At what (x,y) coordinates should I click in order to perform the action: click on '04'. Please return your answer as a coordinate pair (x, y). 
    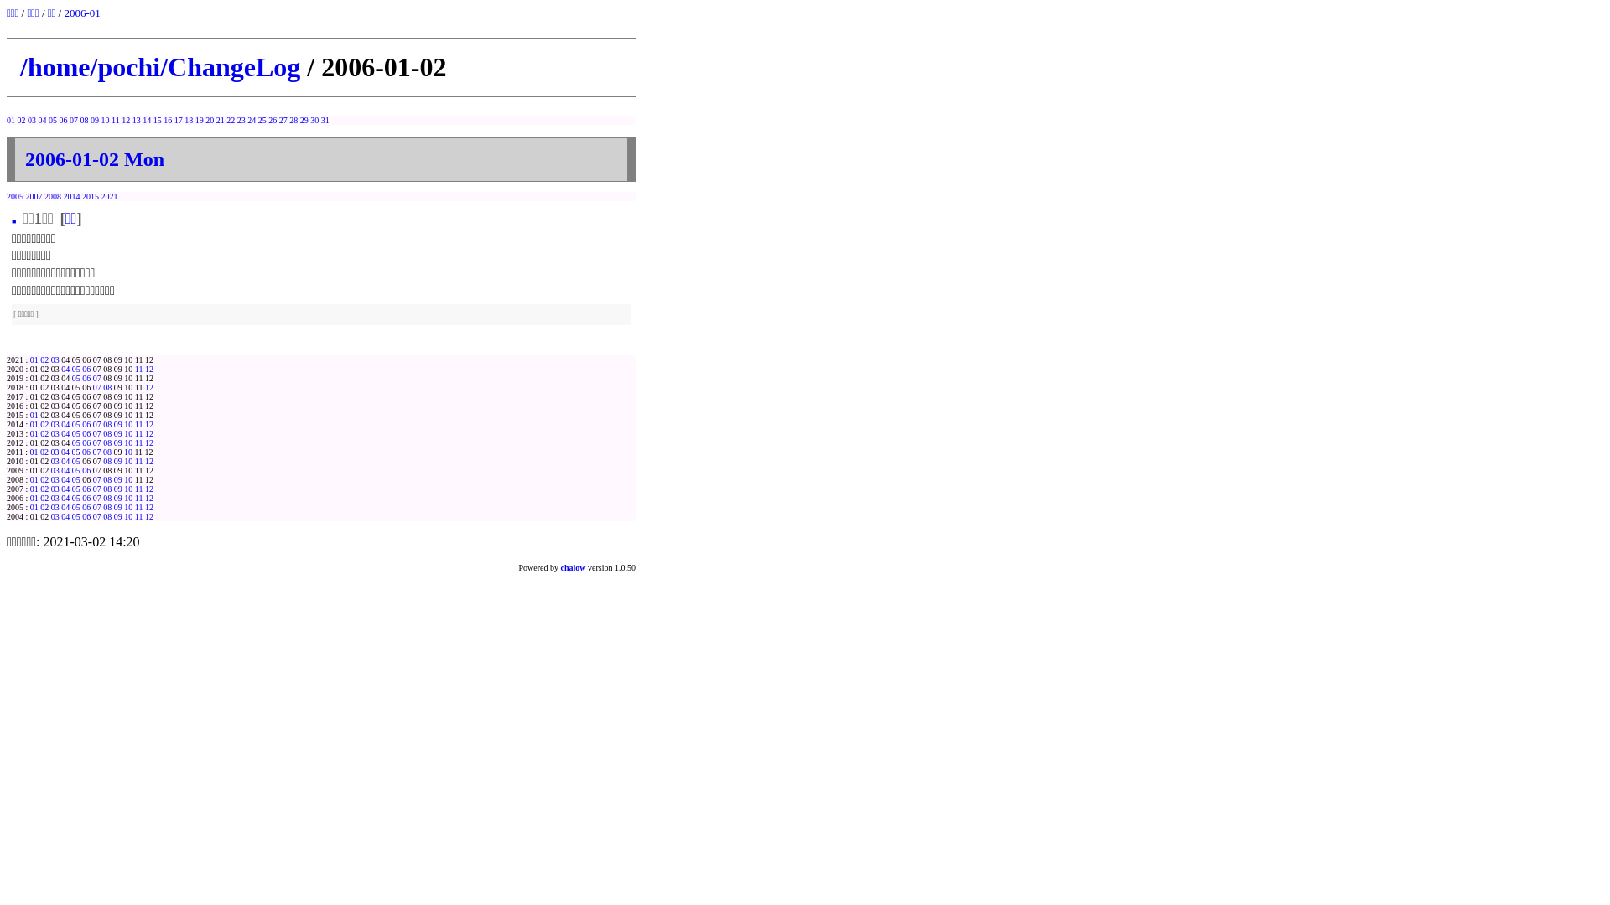
    Looking at the image, I should click on (65, 432).